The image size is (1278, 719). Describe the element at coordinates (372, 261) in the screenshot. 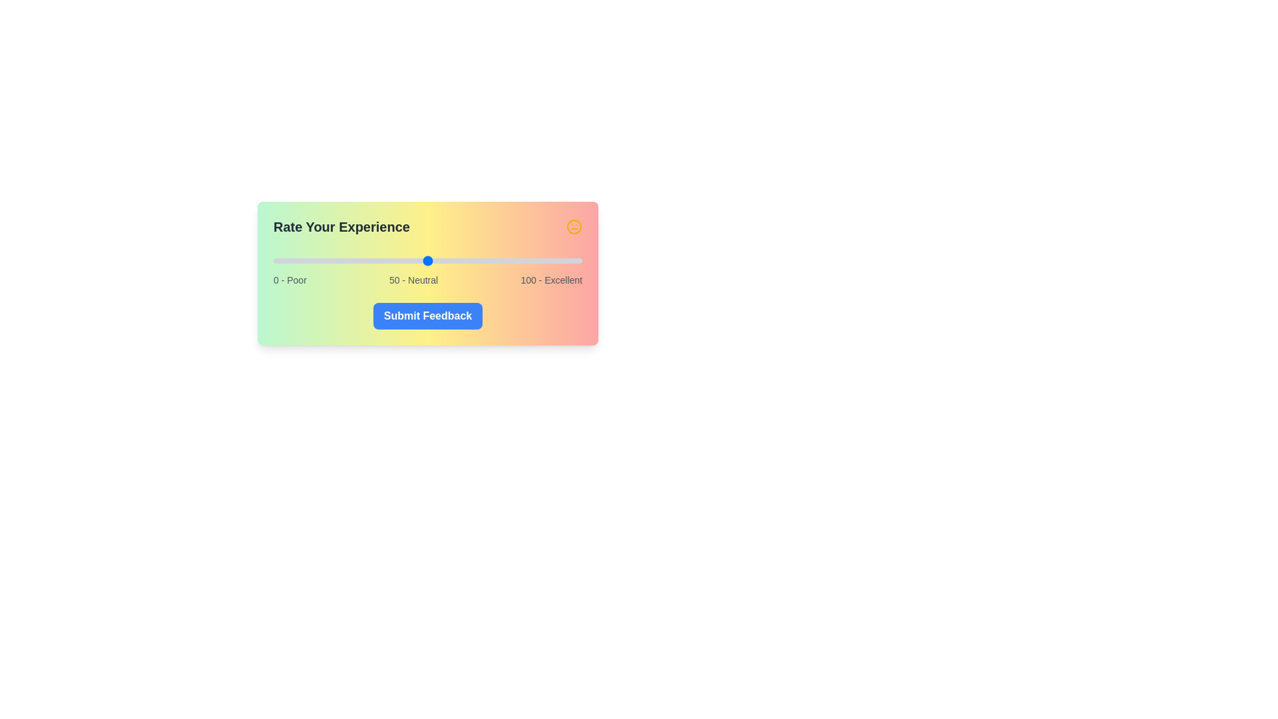

I see `the satisfaction slider to 32 value` at that location.